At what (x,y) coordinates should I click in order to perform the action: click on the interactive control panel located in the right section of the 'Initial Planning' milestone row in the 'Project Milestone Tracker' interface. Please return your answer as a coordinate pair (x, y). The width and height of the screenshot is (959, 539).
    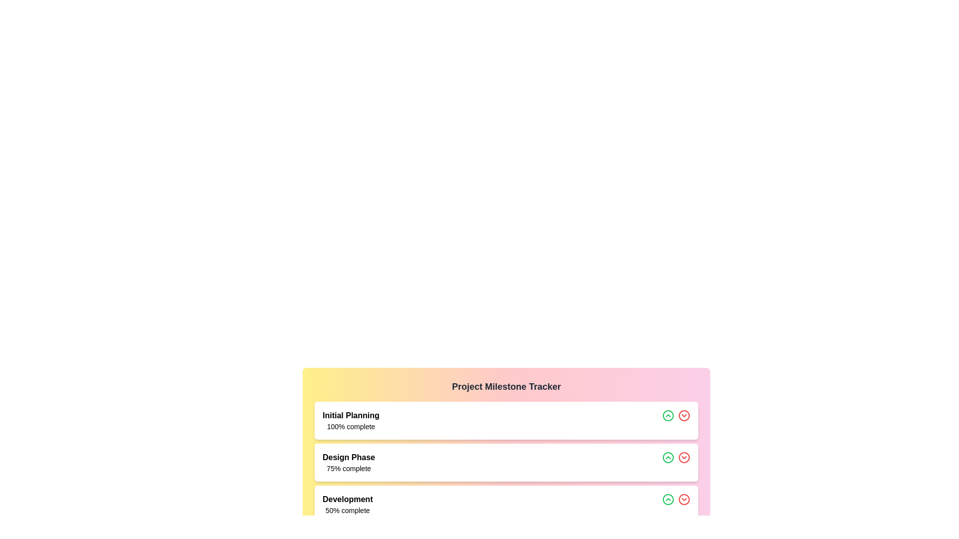
    Looking at the image, I should click on (676, 421).